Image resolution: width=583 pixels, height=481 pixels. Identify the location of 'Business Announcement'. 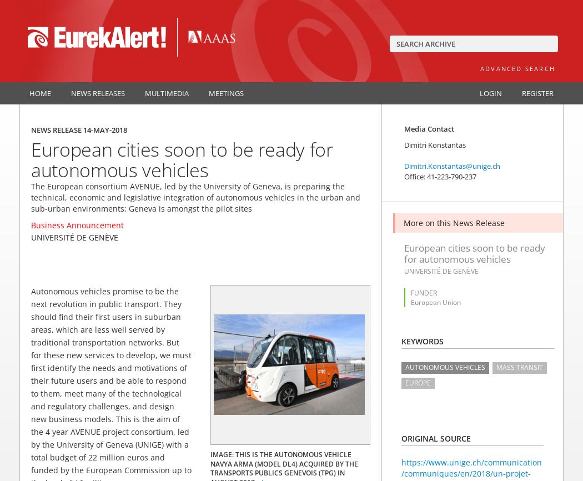
(77, 224).